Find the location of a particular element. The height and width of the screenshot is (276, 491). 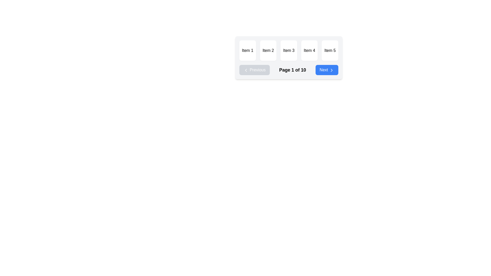

the button labeled 'Item 2', which is the second element in a grid layout of five items, featuring a white background and bold black text is located at coordinates (268, 50).